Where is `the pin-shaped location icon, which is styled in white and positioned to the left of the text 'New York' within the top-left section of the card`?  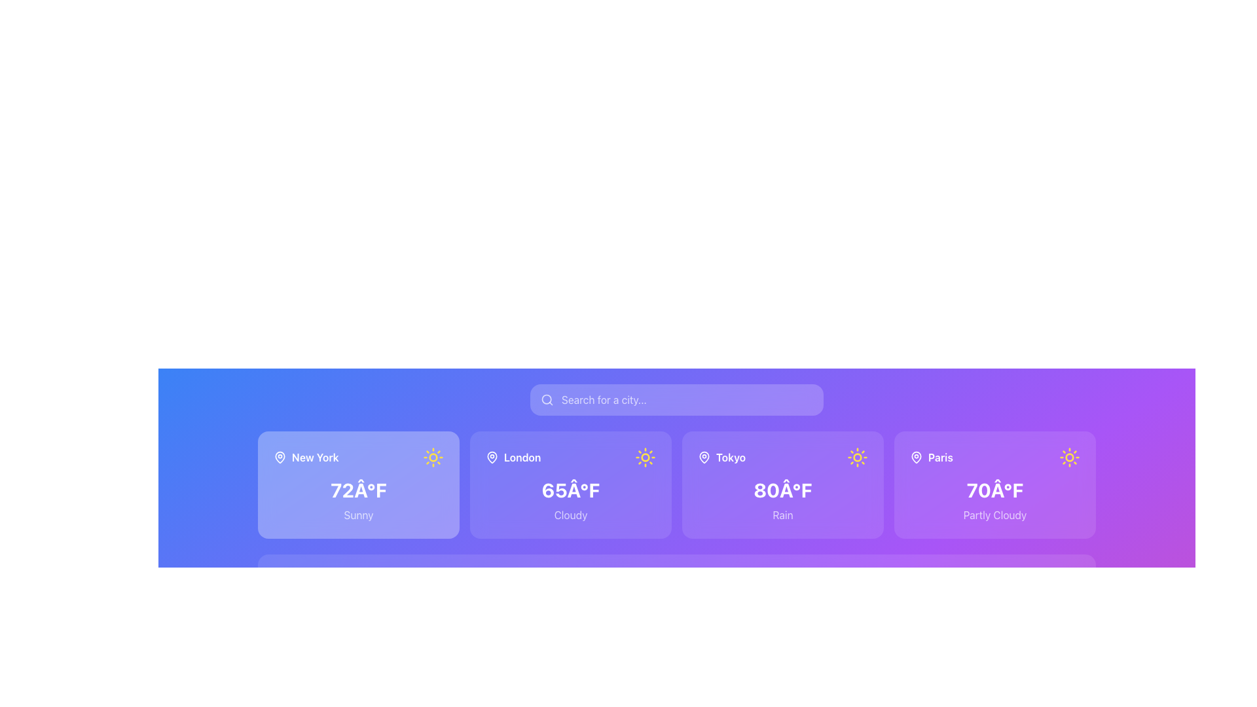
the pin-shaped location icon, which is styled in white and positioned to the left of the text 'New York' within the top-left section of the card is located at coordinates (279, 456).